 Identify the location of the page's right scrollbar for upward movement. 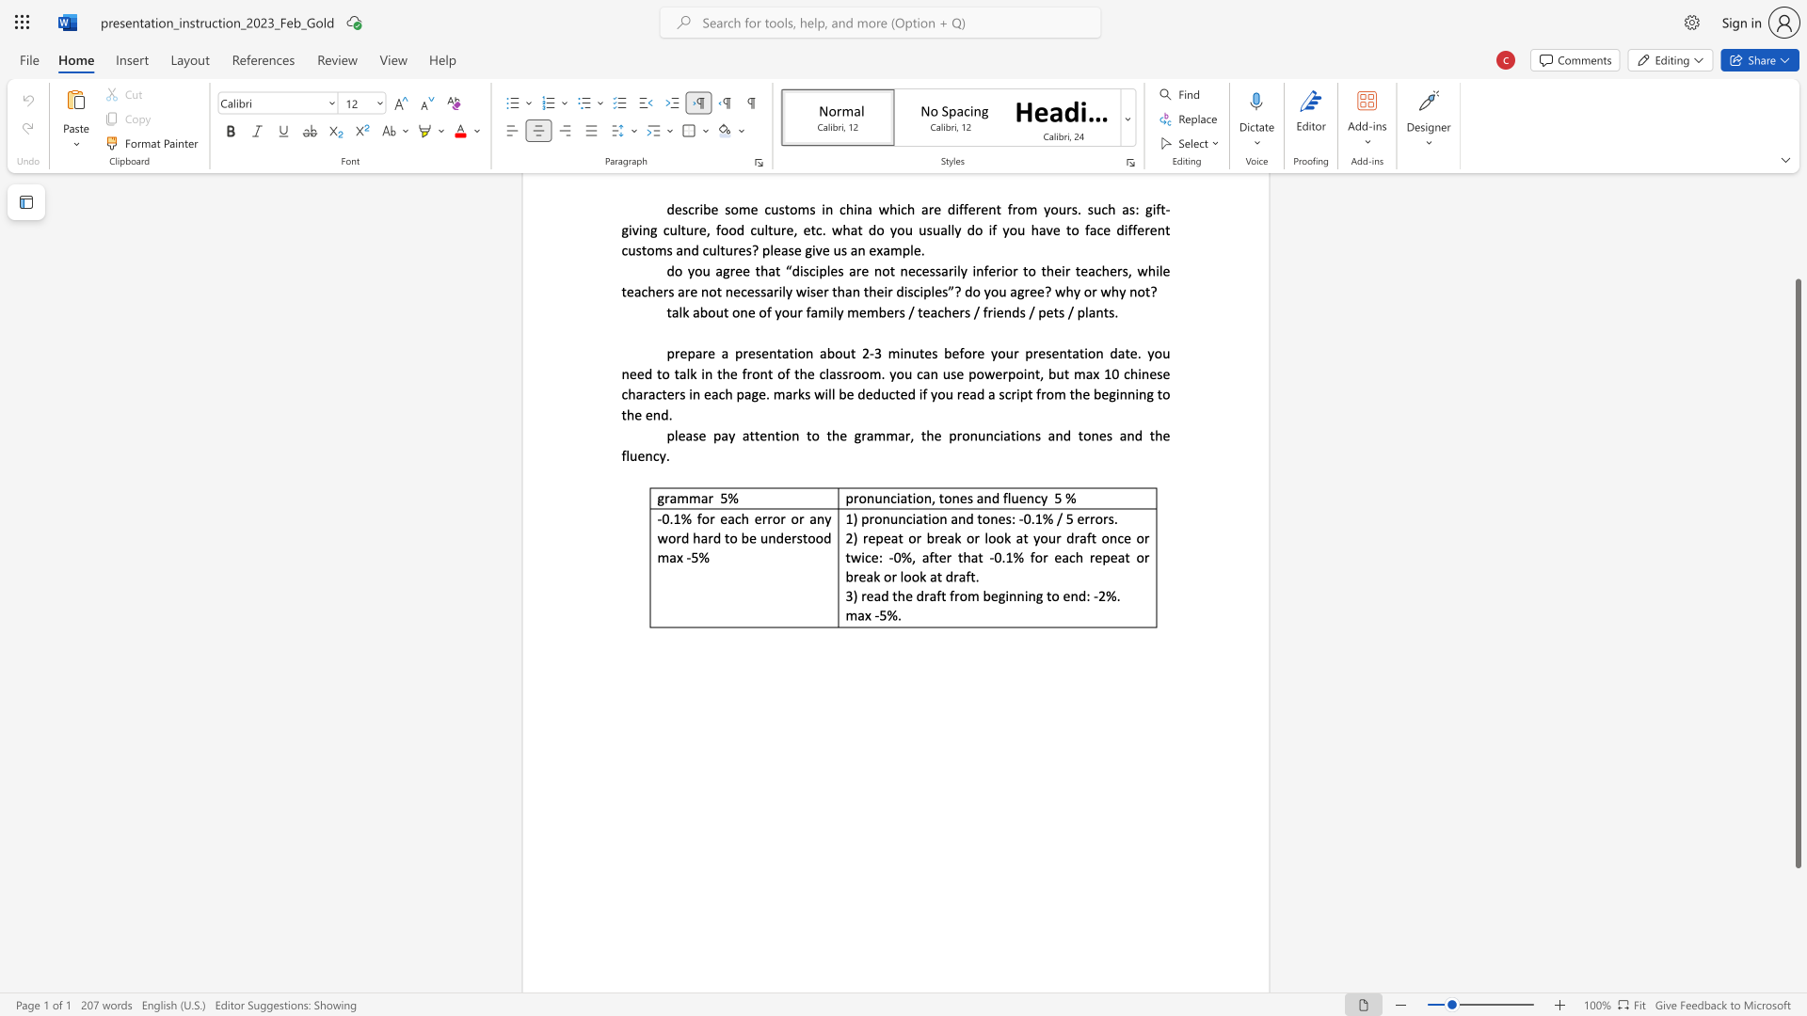
(1797, 197).